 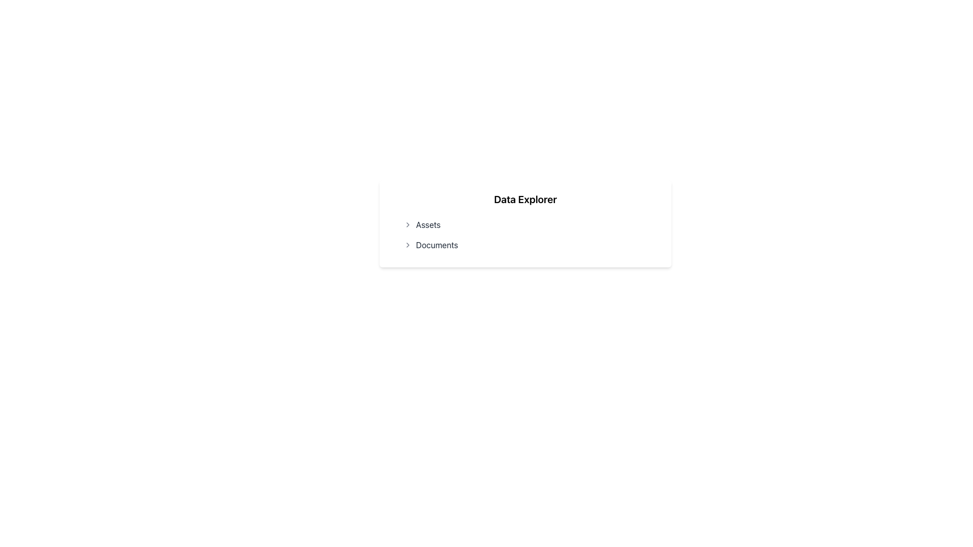 What do you see at coordinates (525, 245) in the screenshot?
I see `the chevron of the second collapsible navigation item under 'Data Explorer'` at bounding box center [525, 245].